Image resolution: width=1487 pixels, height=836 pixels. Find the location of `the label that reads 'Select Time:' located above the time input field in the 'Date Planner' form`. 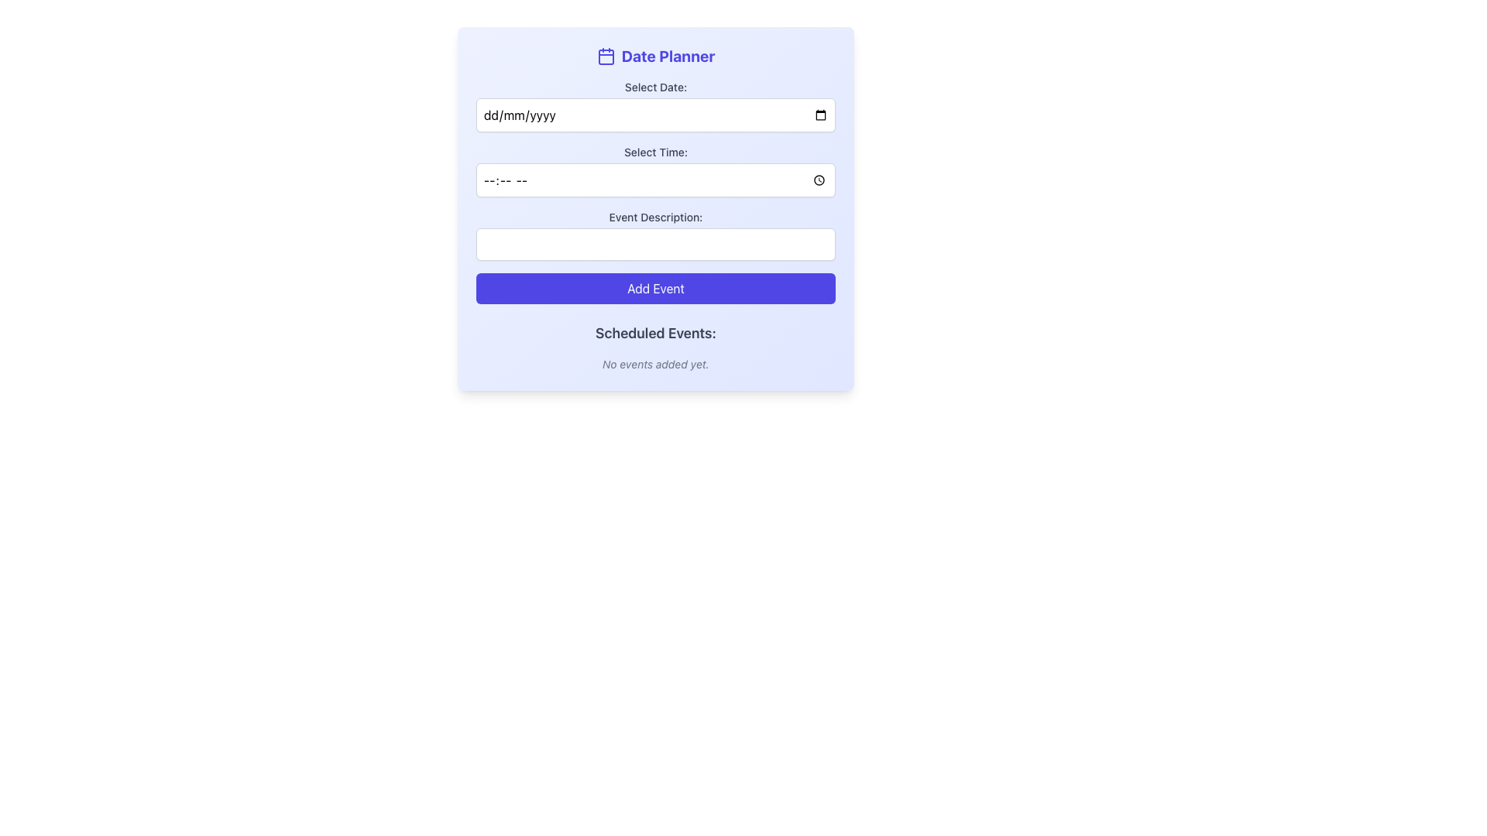

the label that reads 'Select Time:' located above the time input field in the 'Date Planner' form is located at coordinates (655, 152).